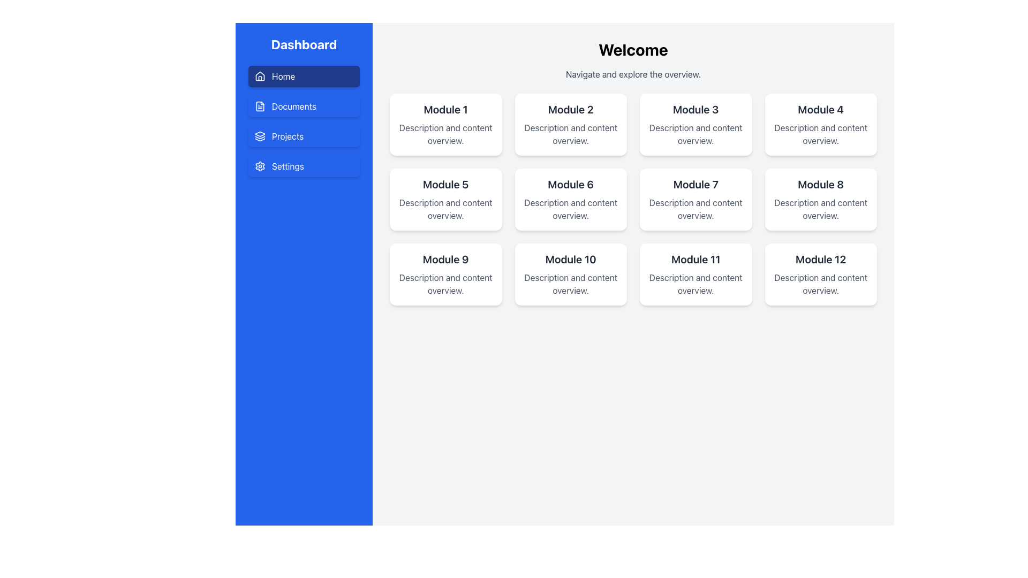 The image size is (1028, 578). I want to click on the Text label that serves as the title for the module card located in the second row and third column of the grid, positioned above the subtitle 'Description and content overview.', so click(570, 260).